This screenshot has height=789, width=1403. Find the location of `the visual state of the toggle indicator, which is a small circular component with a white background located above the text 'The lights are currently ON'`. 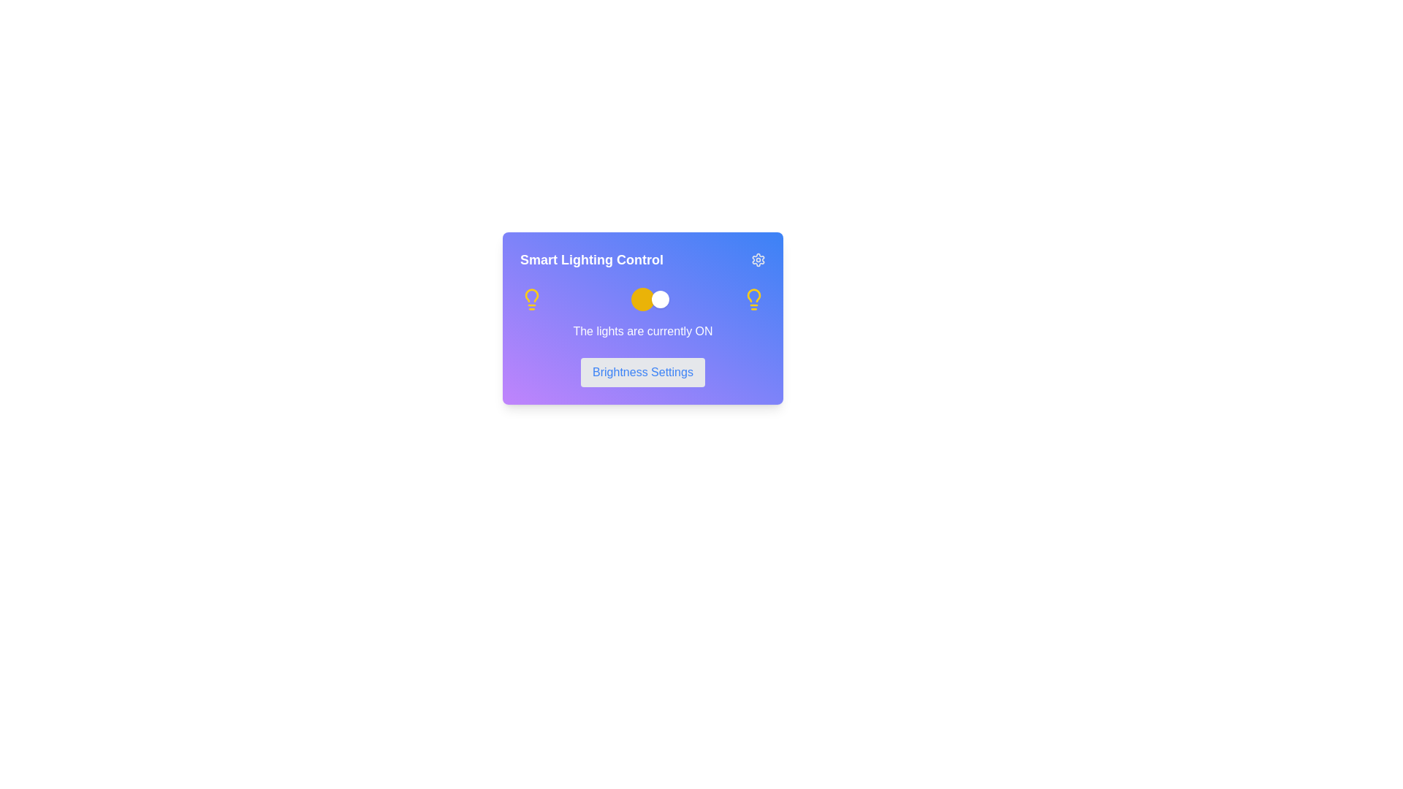

the visual state of the toggle indicator, which is a small circular component with a white background located above the text 'The lights are currently ON' is located at coordinates (659, 298).